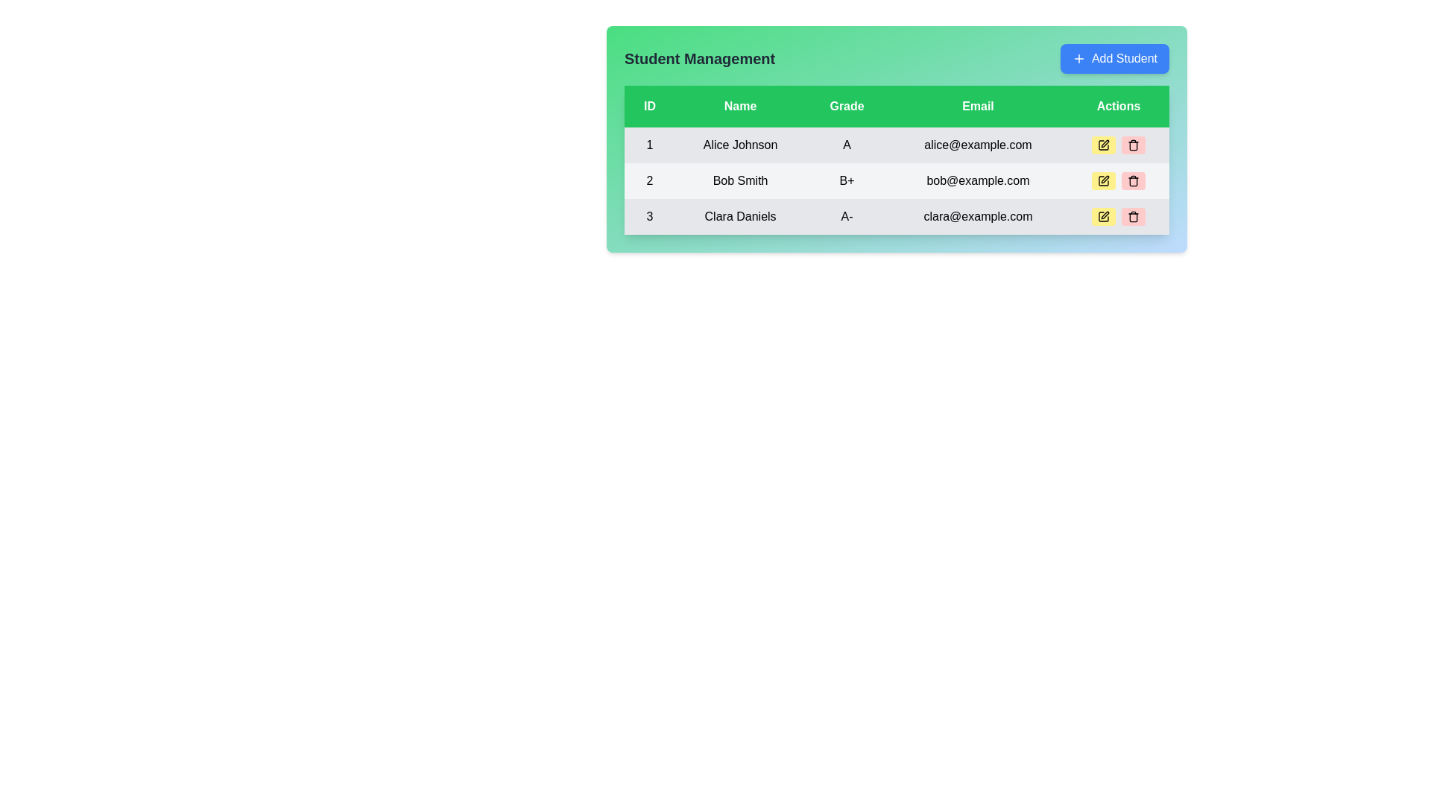  I want to click on the 'edit' button in the 'Actions' column for the table row corresponding to 'Bob Smith', so click(1103, 180).